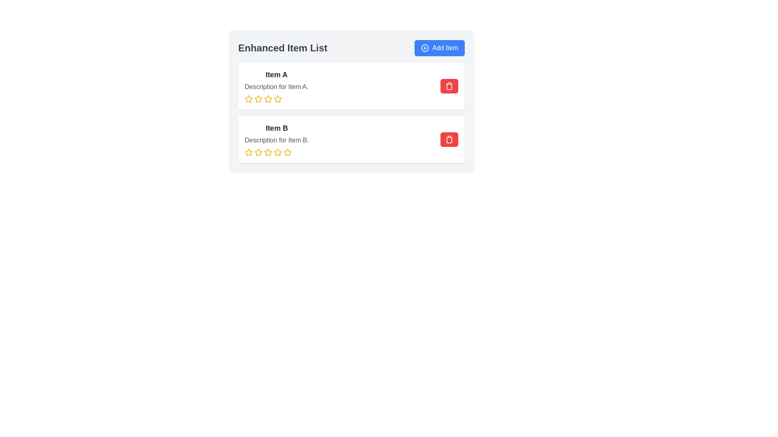 This screenshot has width=778, height=437. What do you see at coordinates (278, 99) in the screenshot?
I see `the fourth star icon in the rating section of 'Item A'` at bounding box center [278, 99].